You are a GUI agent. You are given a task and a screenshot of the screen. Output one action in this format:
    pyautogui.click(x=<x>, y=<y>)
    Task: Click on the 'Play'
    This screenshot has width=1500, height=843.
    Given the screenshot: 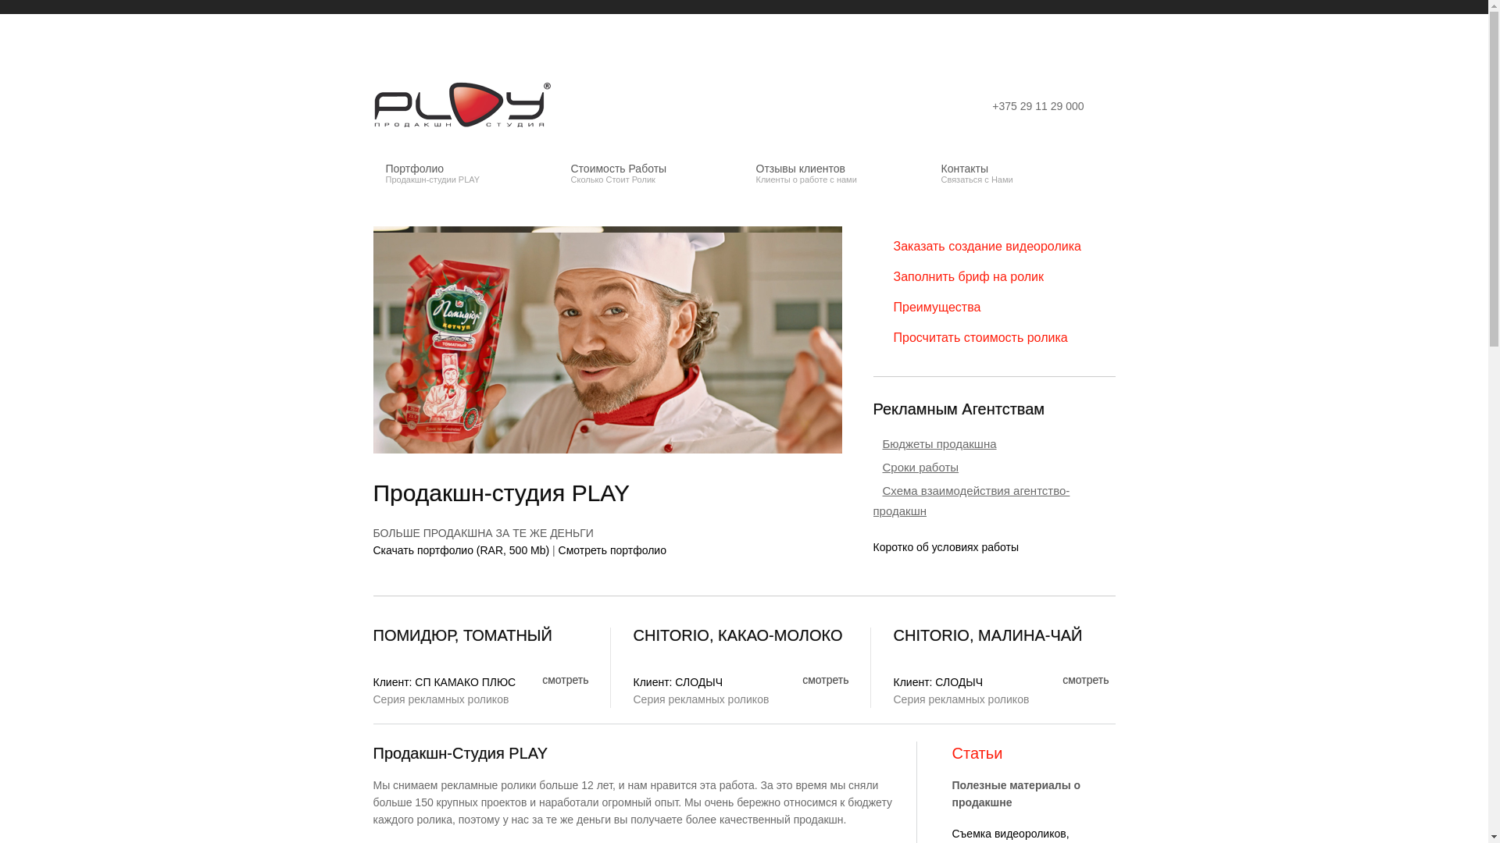 What is the action you would take?
    pyautogui.click(x=463, y=105)
    